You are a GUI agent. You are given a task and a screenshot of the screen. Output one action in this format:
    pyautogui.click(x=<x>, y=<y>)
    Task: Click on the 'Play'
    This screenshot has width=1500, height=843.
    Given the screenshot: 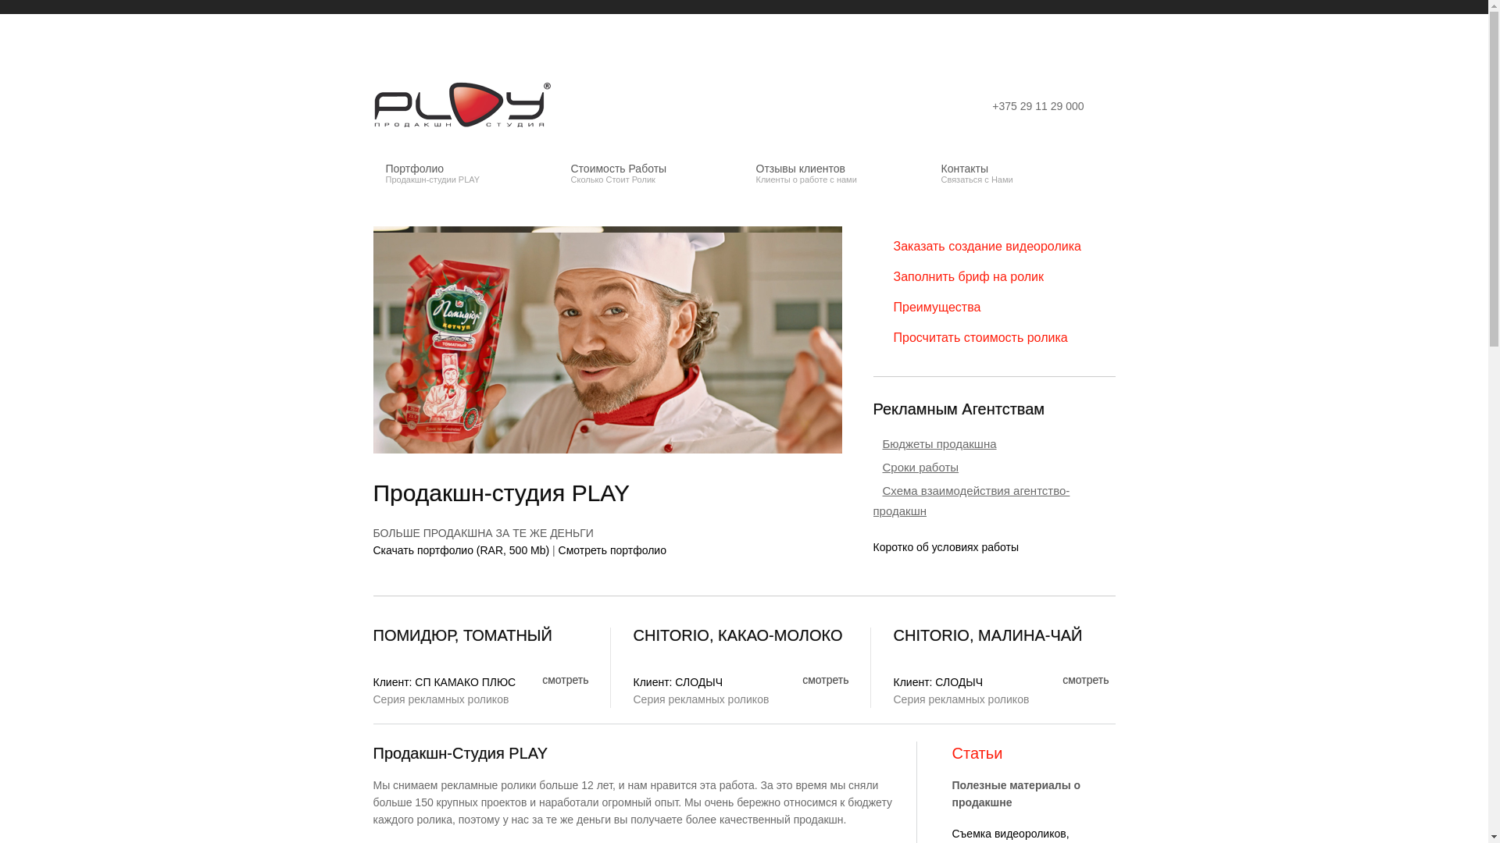 What is the action you would take?
    pyautogui.click(x=463, y=105)
    